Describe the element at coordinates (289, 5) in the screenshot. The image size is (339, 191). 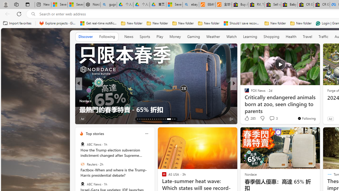
I see `'Baby Keepsakes & Announcements for sale | eBay'` at that location.